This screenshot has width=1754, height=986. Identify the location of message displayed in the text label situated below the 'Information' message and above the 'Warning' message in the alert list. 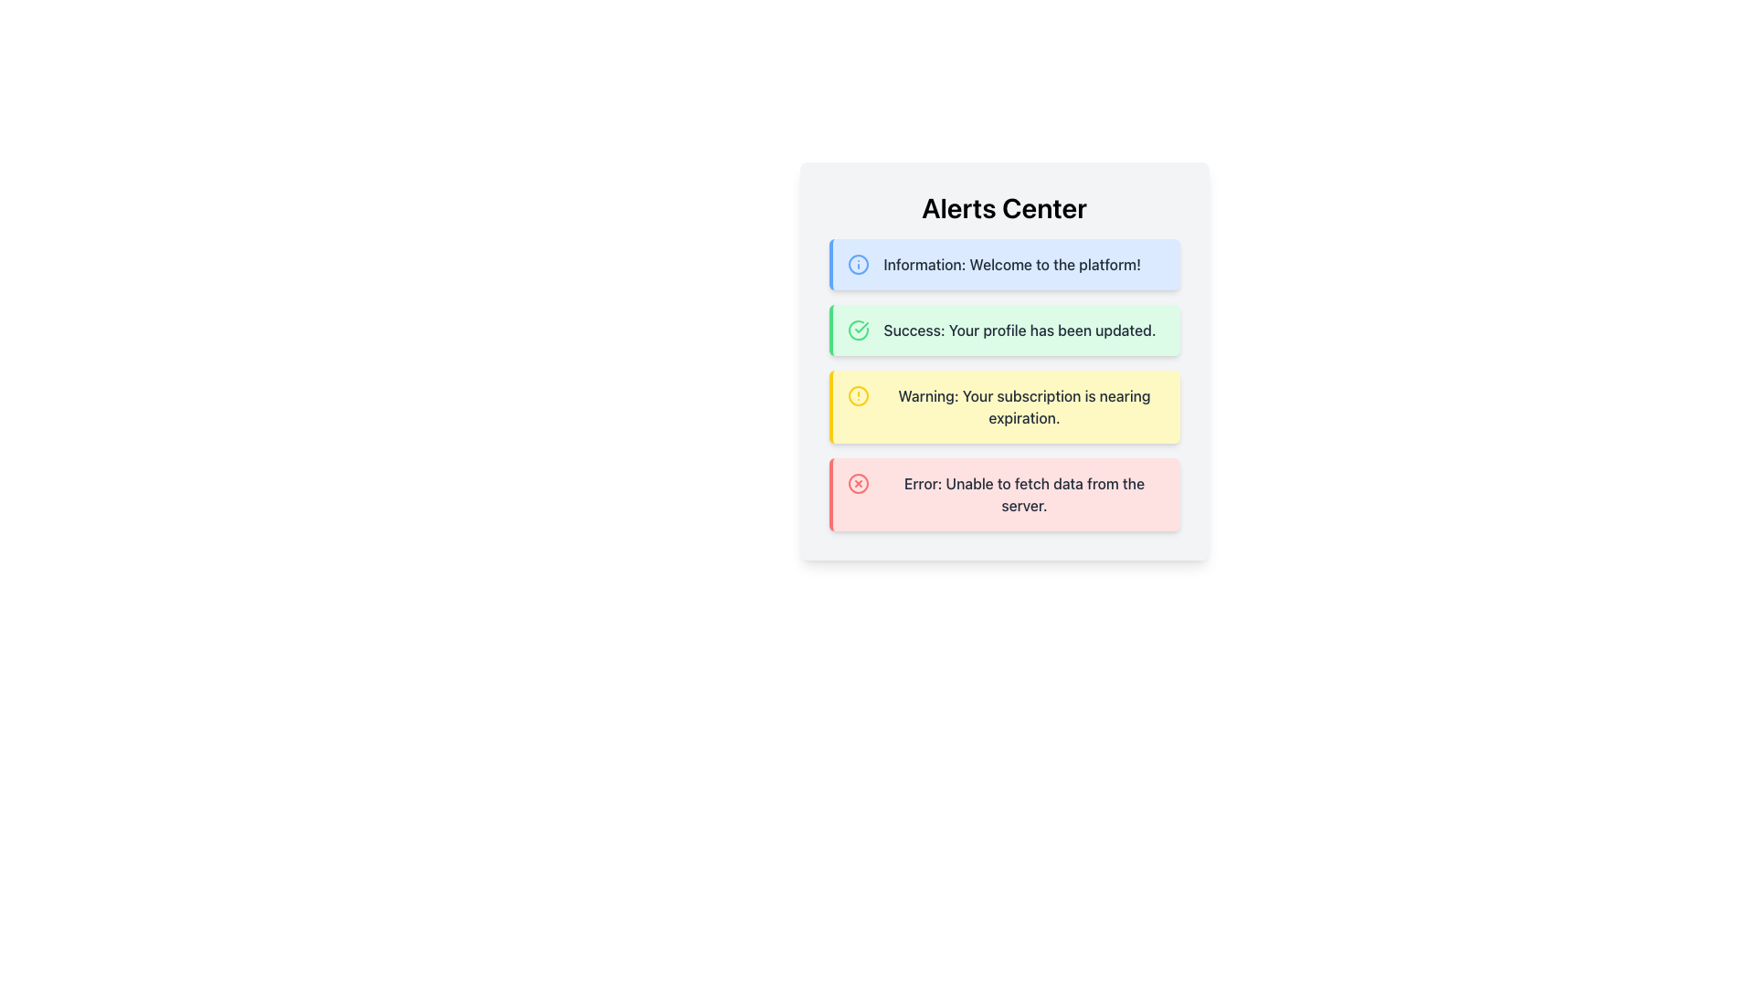
(1019, 330).